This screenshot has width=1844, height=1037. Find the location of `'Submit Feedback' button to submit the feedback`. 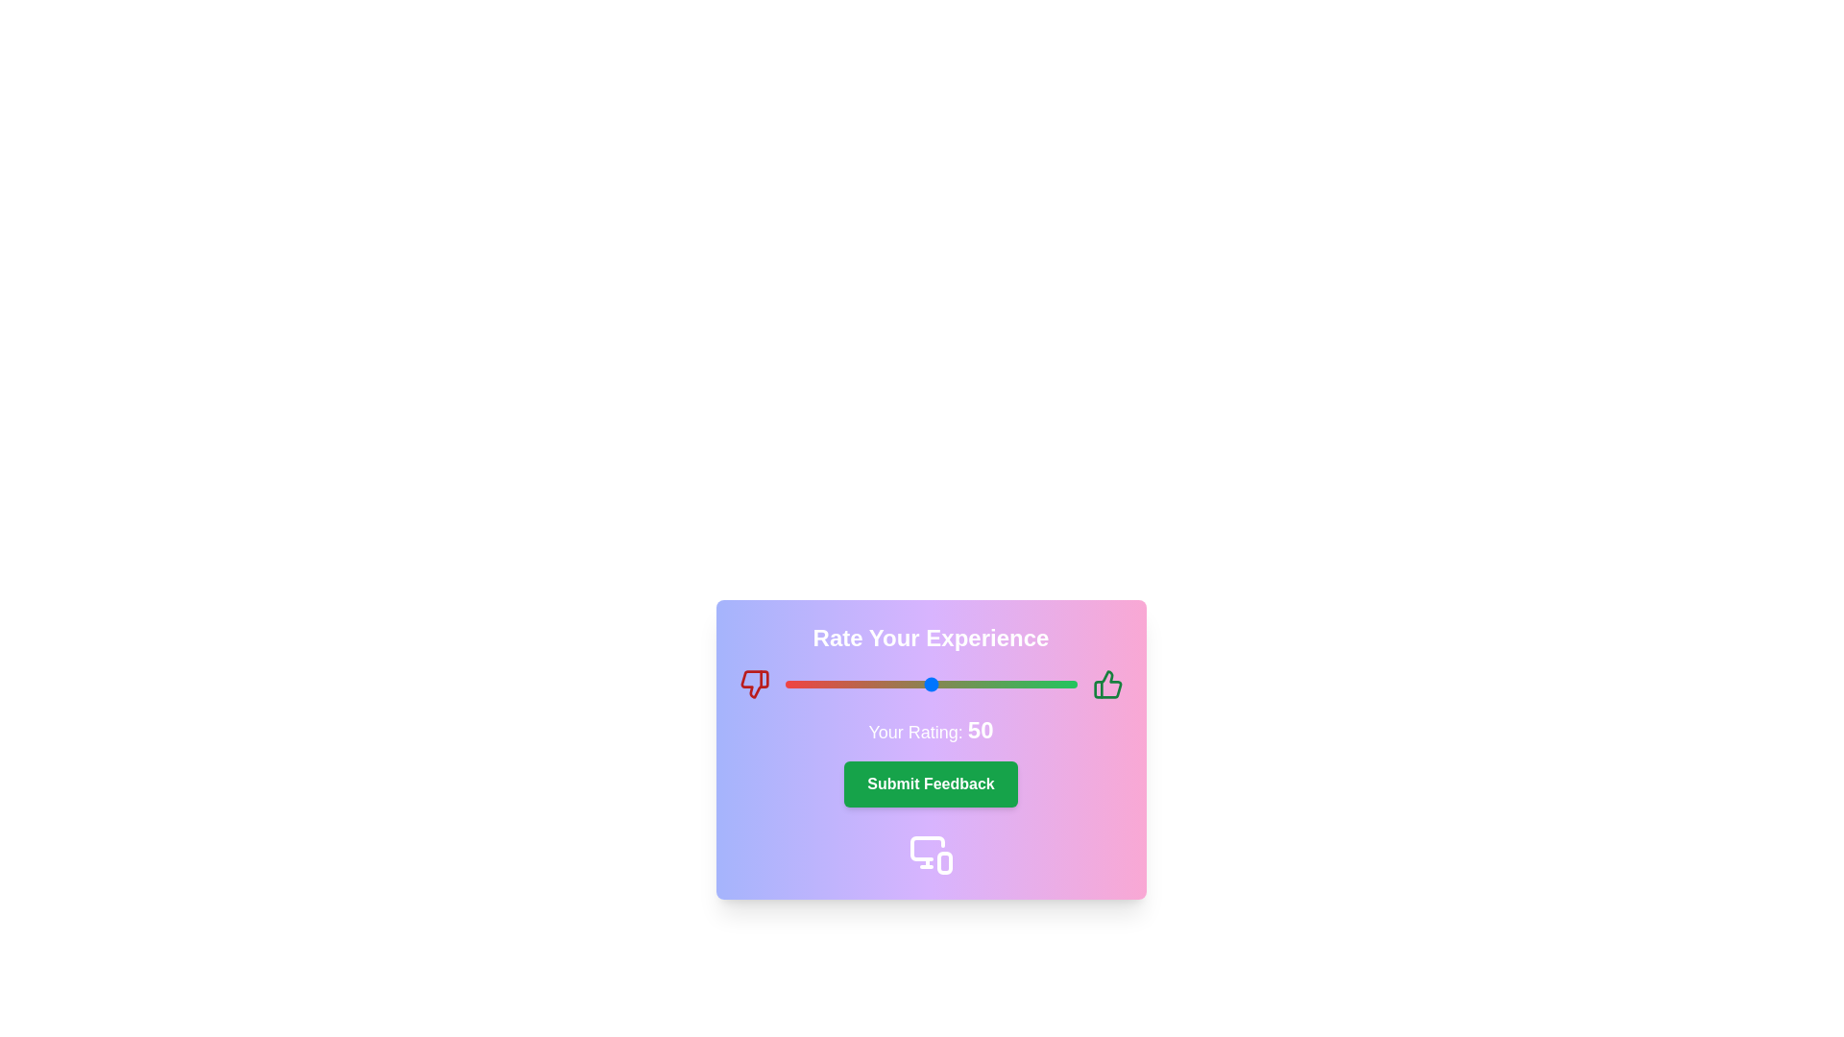

'Submit Feedback' button to submit the feedback is located at coordinates (931, 784).